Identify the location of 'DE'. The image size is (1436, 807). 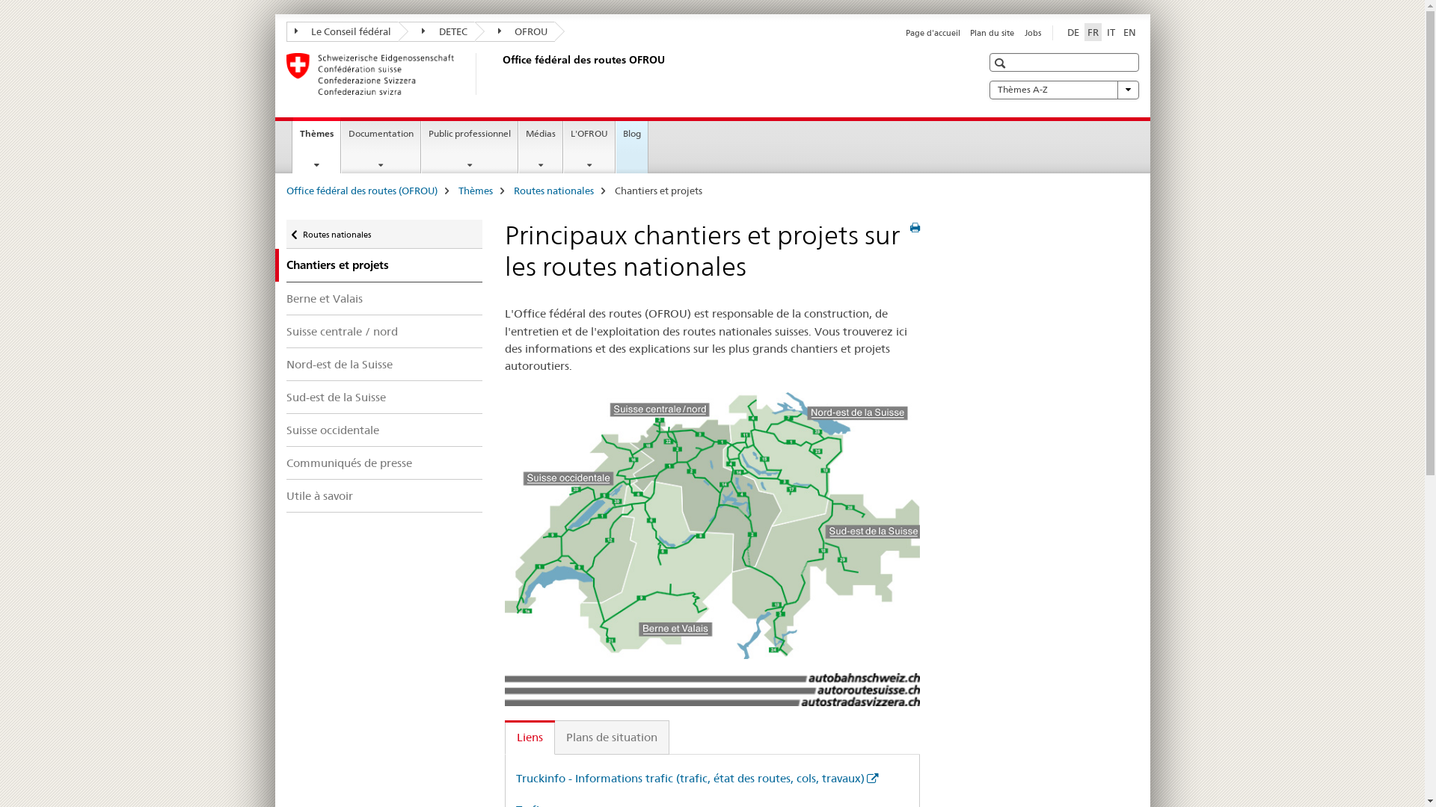
(1072, 31).